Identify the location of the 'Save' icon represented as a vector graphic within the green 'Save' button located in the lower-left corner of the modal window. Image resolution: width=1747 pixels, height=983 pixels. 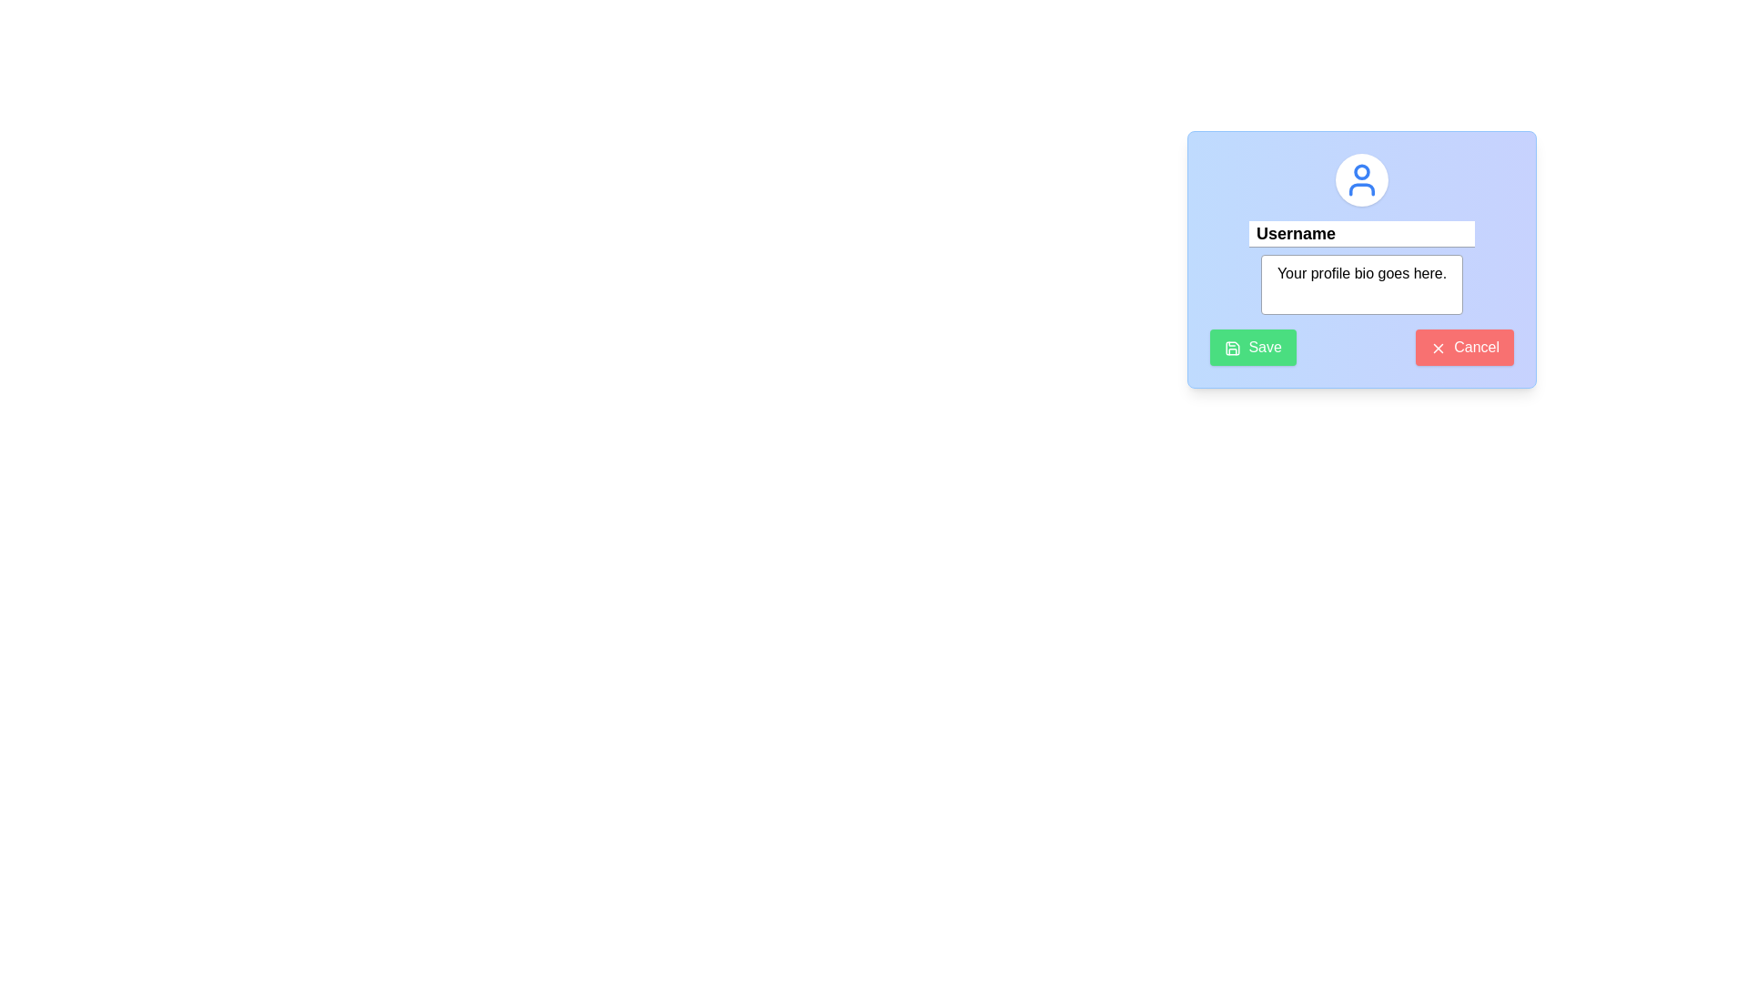
(1232, 347).